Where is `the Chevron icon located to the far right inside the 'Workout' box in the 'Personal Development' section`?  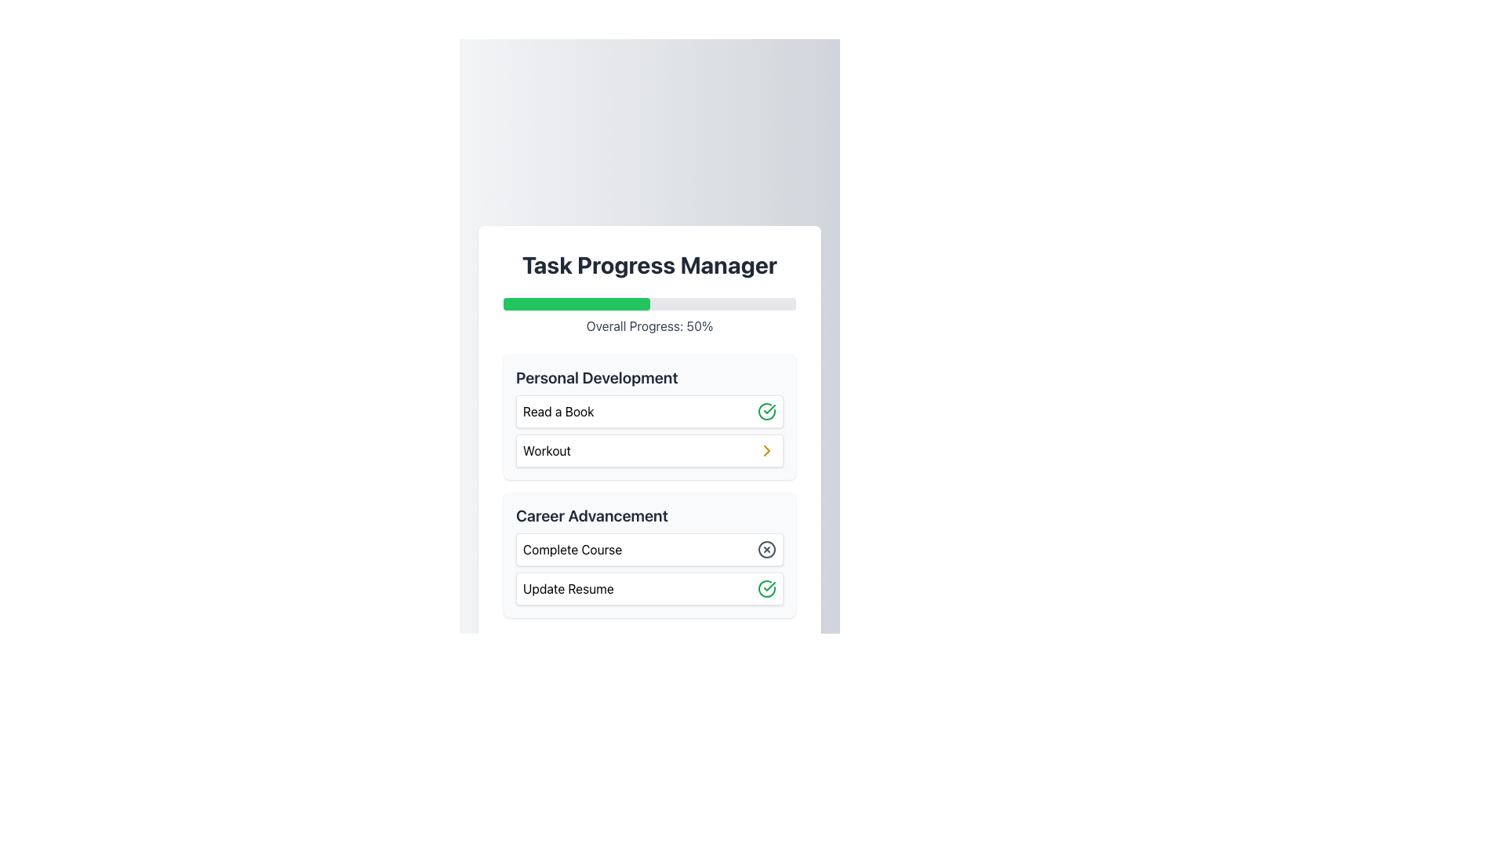
the Chevron icon located to the far right inside the 'Workout' box in the 'Personal Development' section is located at coordinates (767, 450).